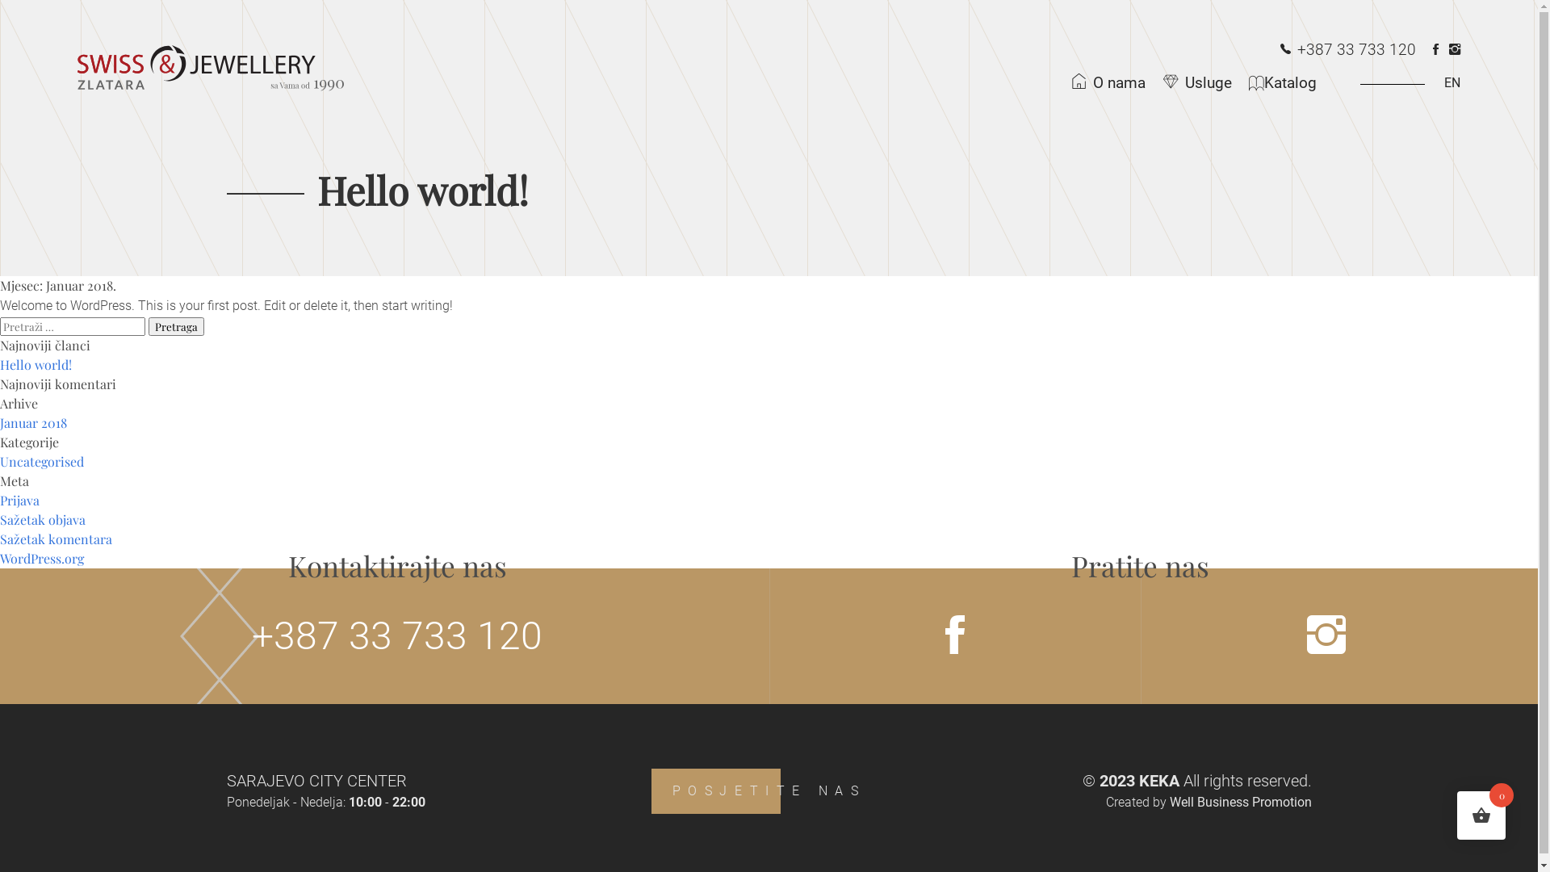  I want to click on '+387 33 733 120', so click(397, 635).